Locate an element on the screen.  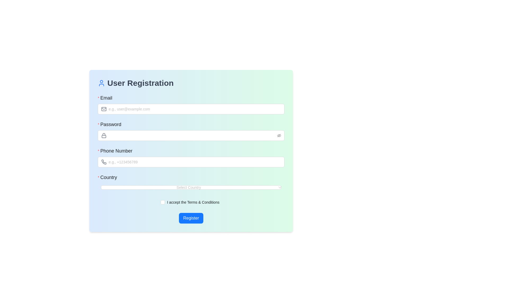
the Icon component inside the envelope icon of the 'Email' input field, which visually indicates the input field's function is located at coordinates (104, 109).